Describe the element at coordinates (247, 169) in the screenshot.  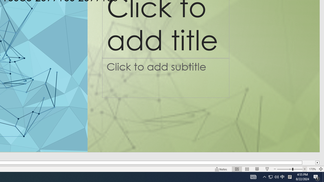
I see `'Slide Sorter'` at that location.